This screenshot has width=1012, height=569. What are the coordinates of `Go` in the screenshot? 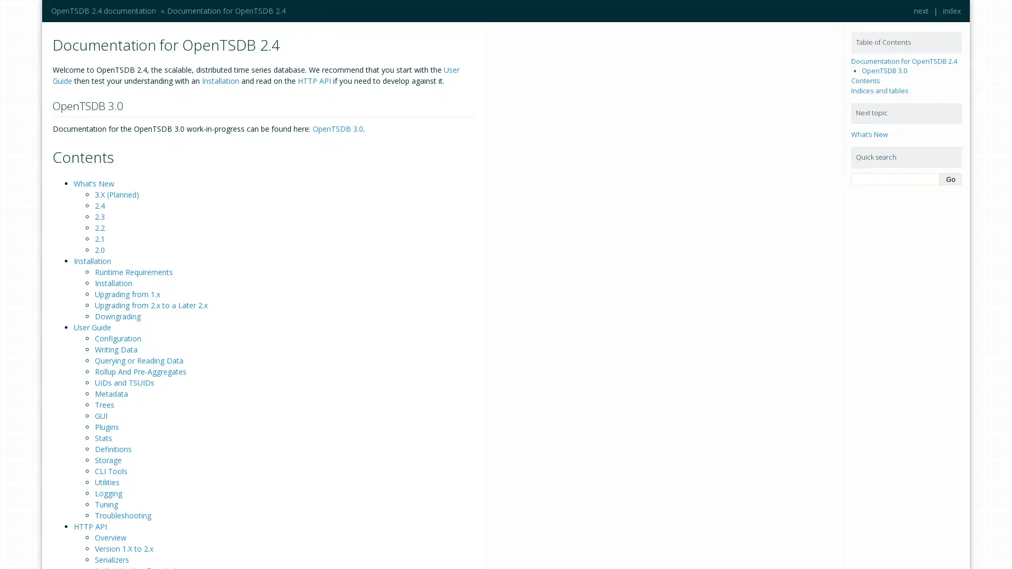 It's located at (951, 178).